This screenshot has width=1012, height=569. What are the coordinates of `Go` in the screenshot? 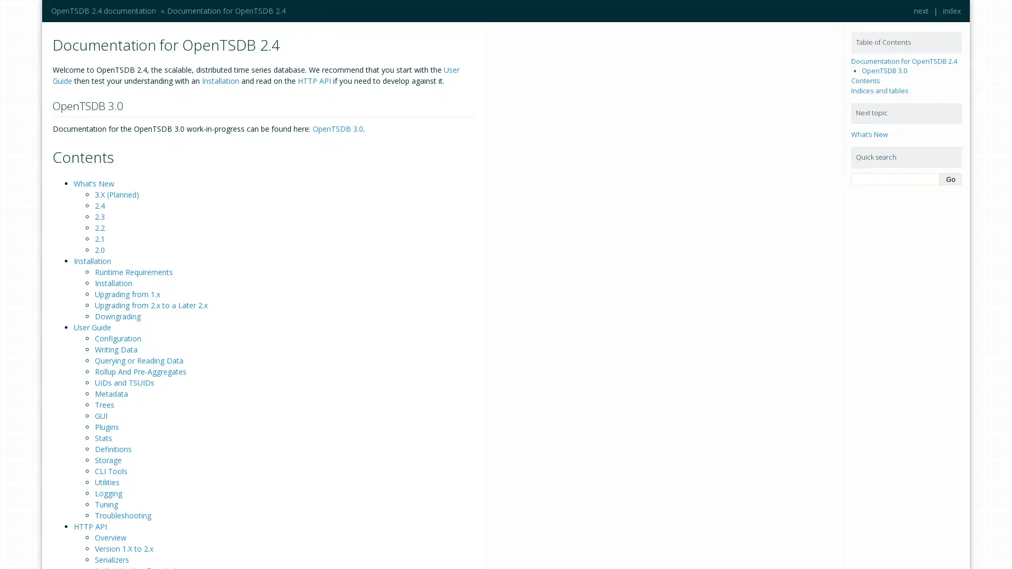 It's located at (951, 178).